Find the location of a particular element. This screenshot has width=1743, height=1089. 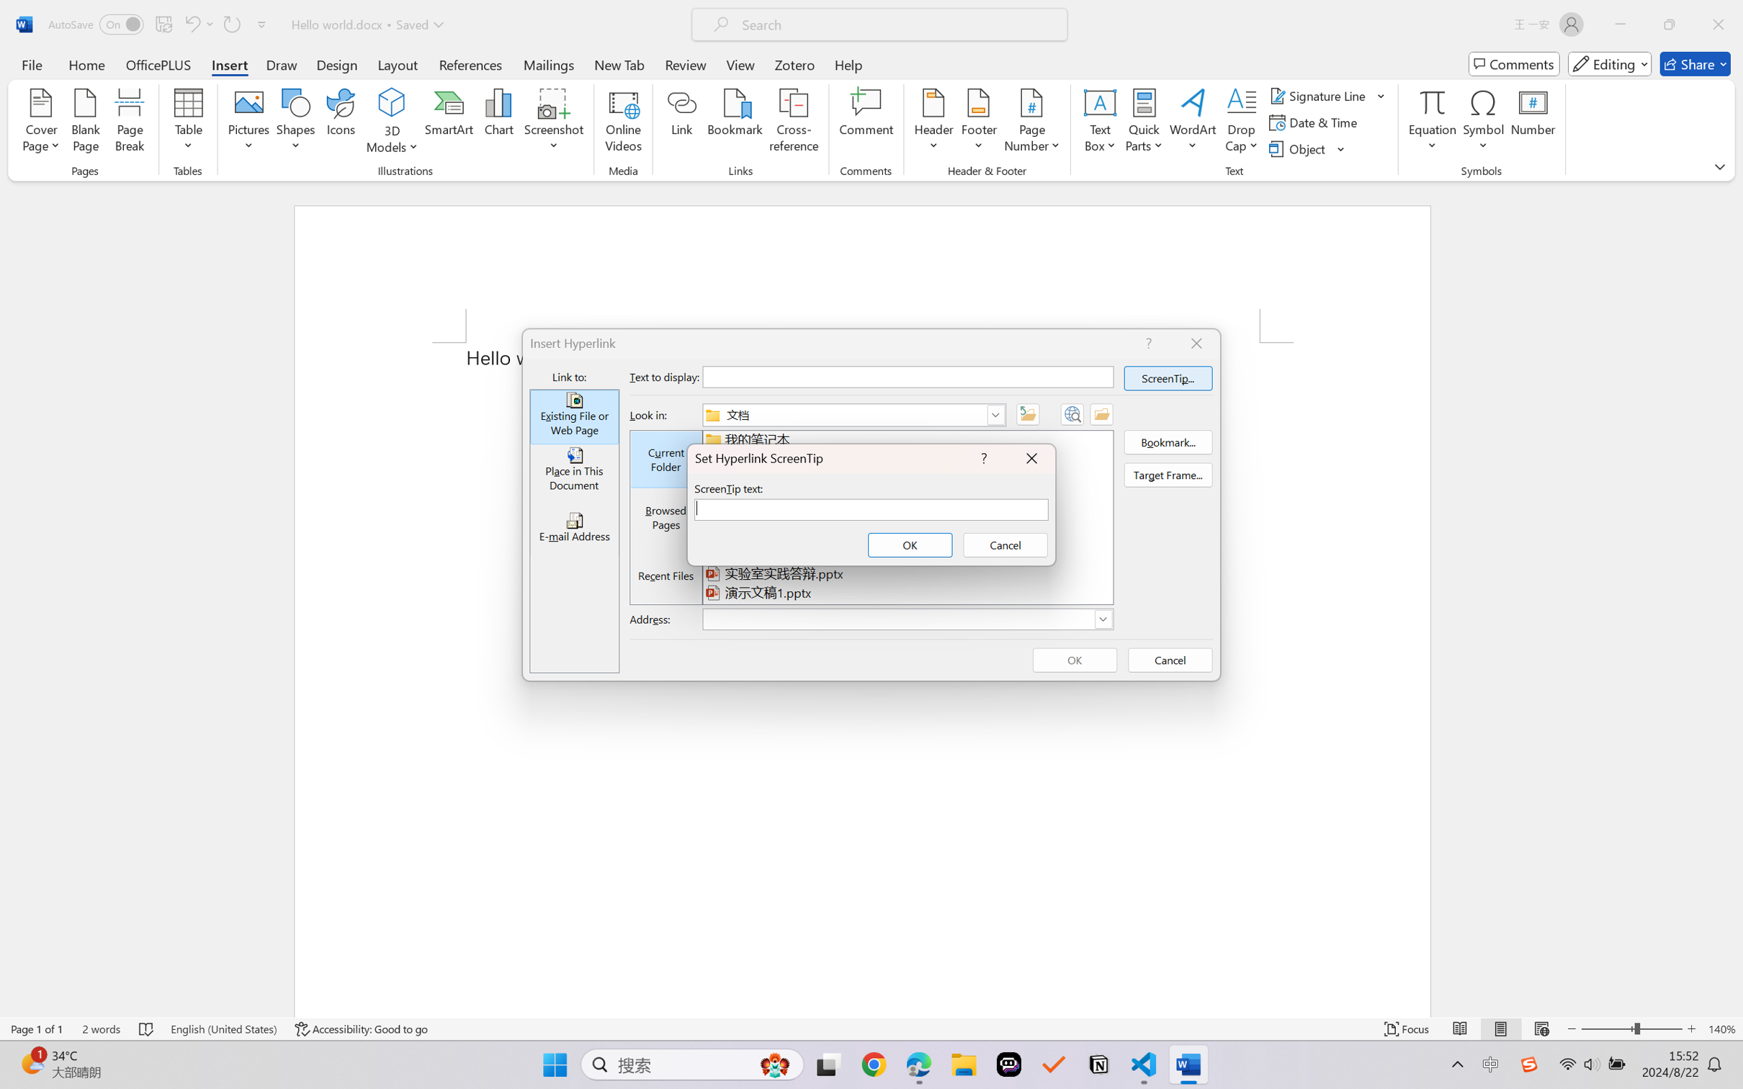

'Text to display:' is located at coordinates (907, 376).